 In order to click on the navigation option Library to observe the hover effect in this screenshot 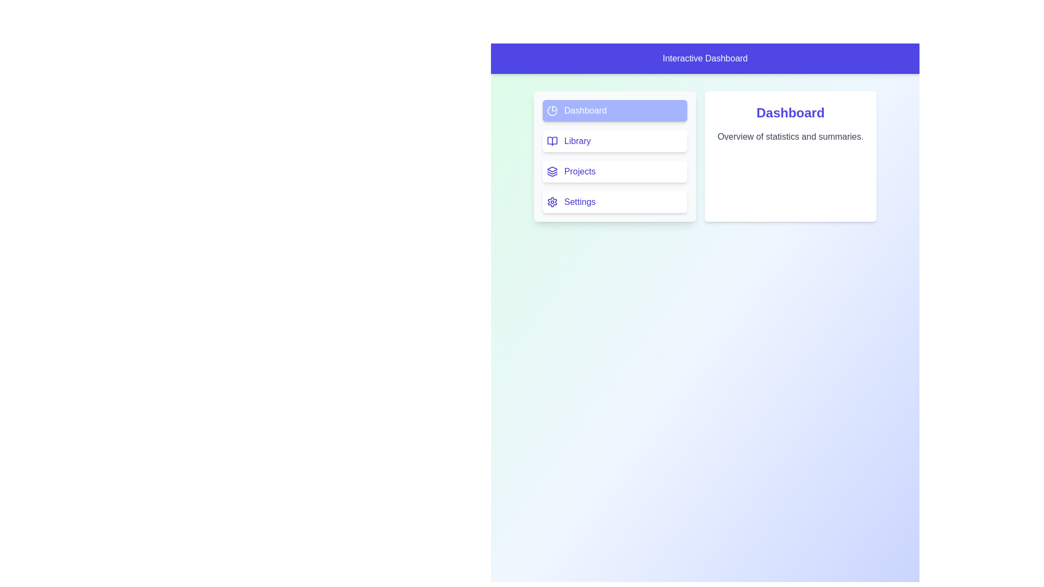, I will do `click(614, 140)`.